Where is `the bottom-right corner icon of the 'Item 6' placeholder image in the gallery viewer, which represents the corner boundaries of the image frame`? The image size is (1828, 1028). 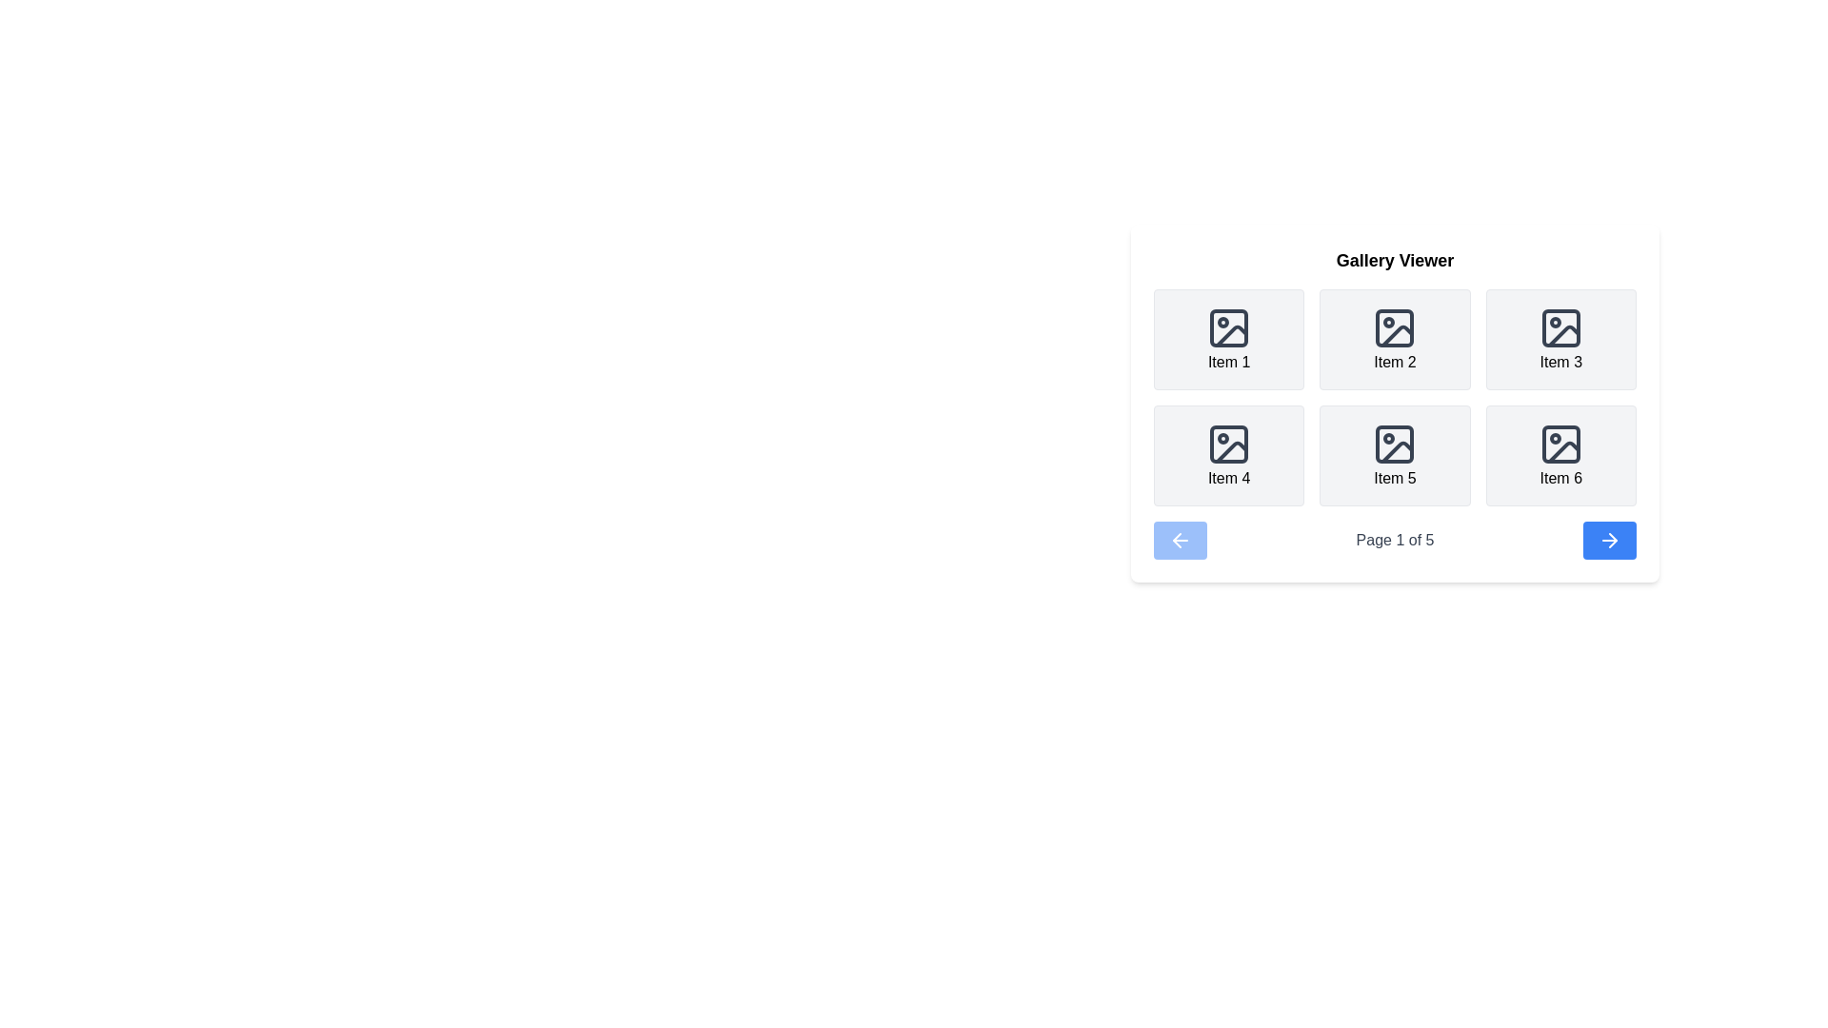 the bottom-right corner icon of the 'Item 6' placeholder image in the gallery viewer, which represents the corner boundaries of the image frame is located at coordinates (1560, 444).